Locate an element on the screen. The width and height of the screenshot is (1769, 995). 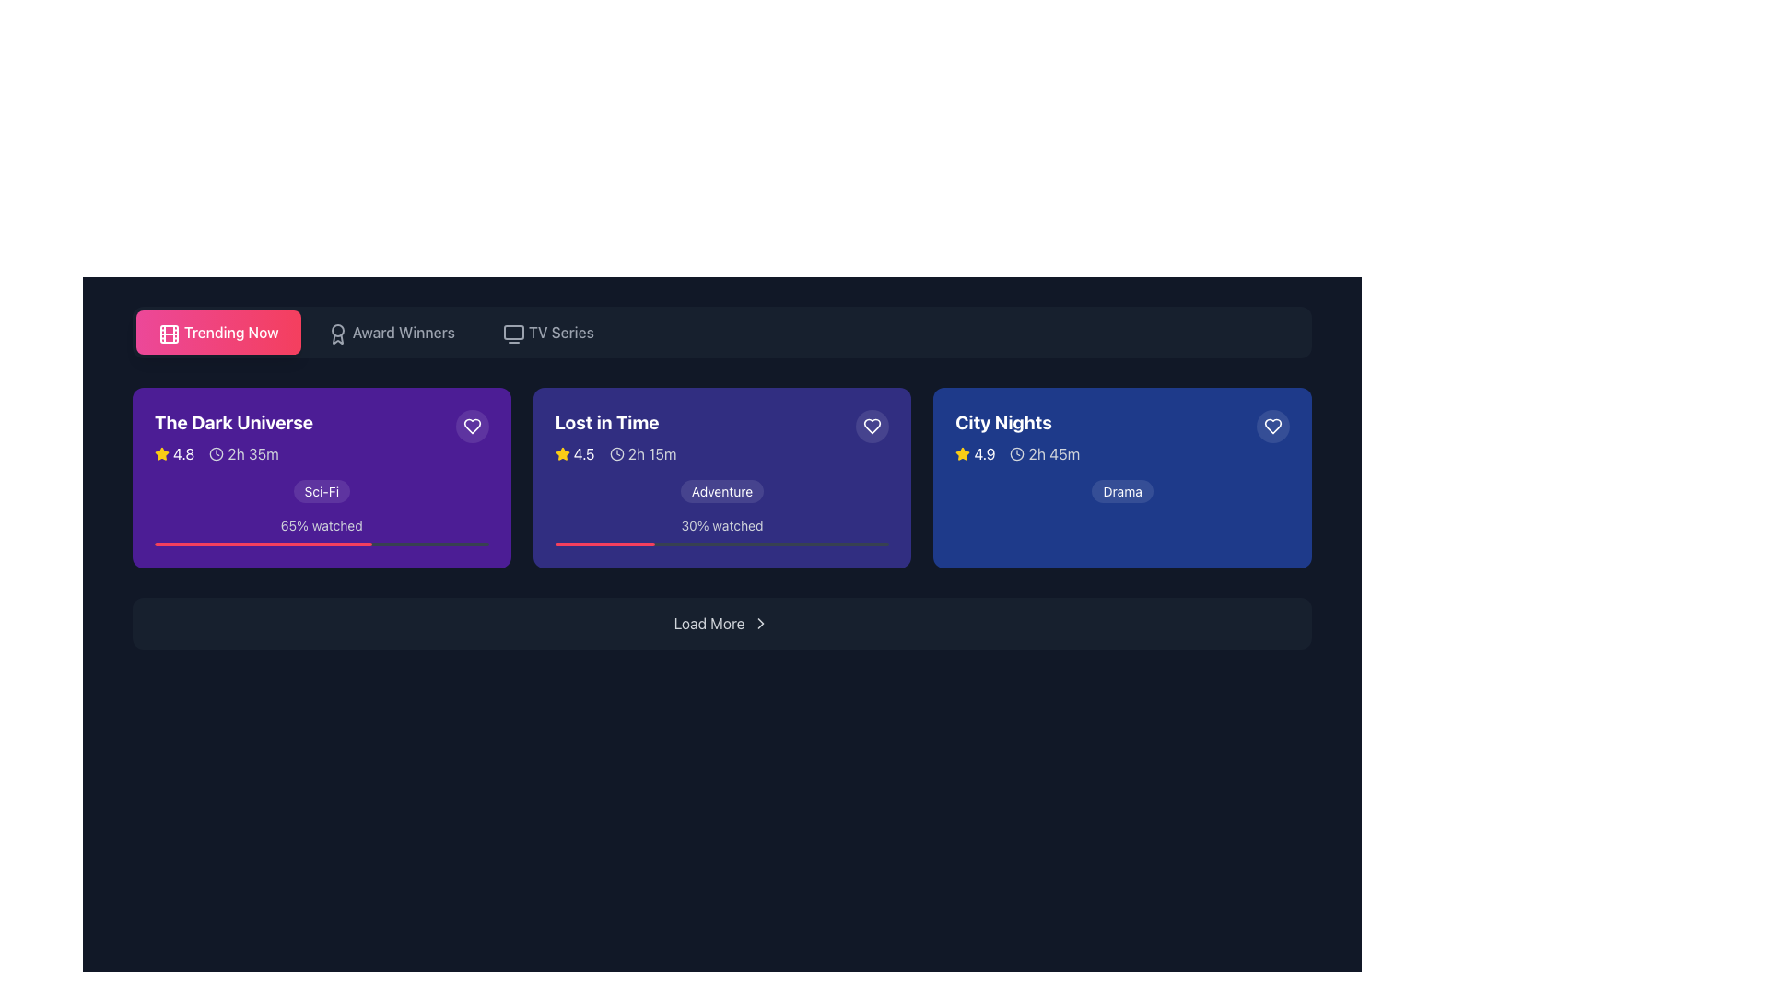
the favorite or like icon located in the top-right section of the 'City Nights' card, which is slightly inset within a rounded square background is located at coordinates (1272, 426).